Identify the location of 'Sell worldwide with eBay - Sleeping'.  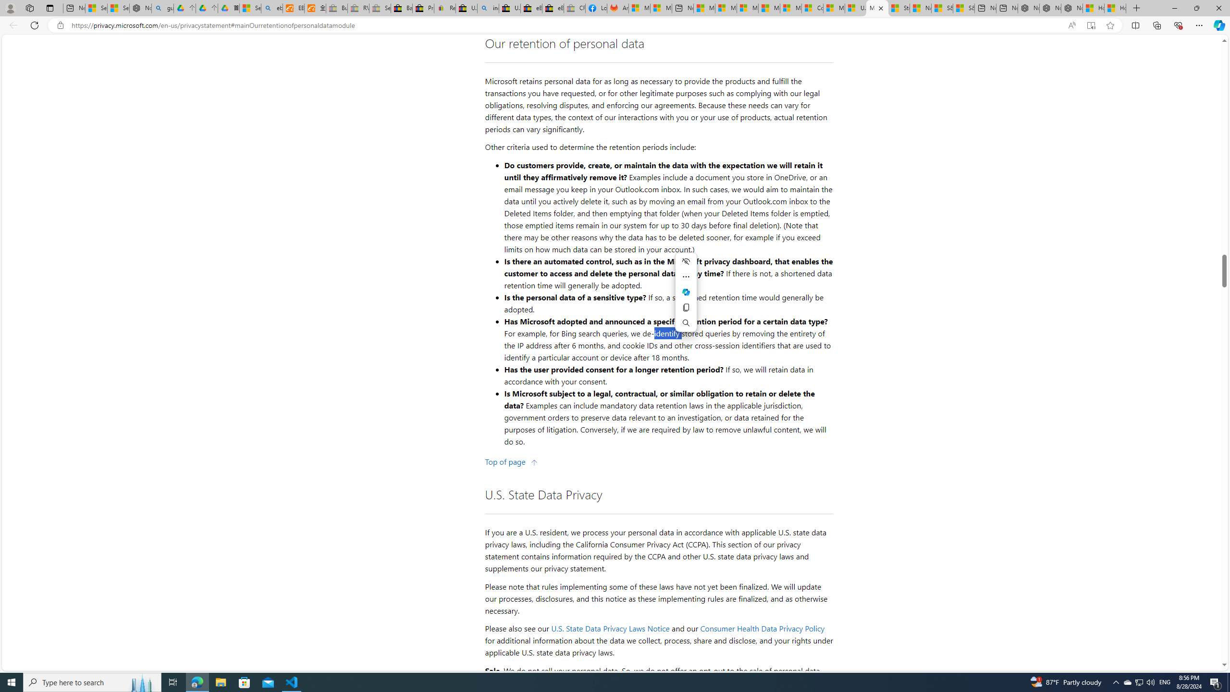
(380, 8).